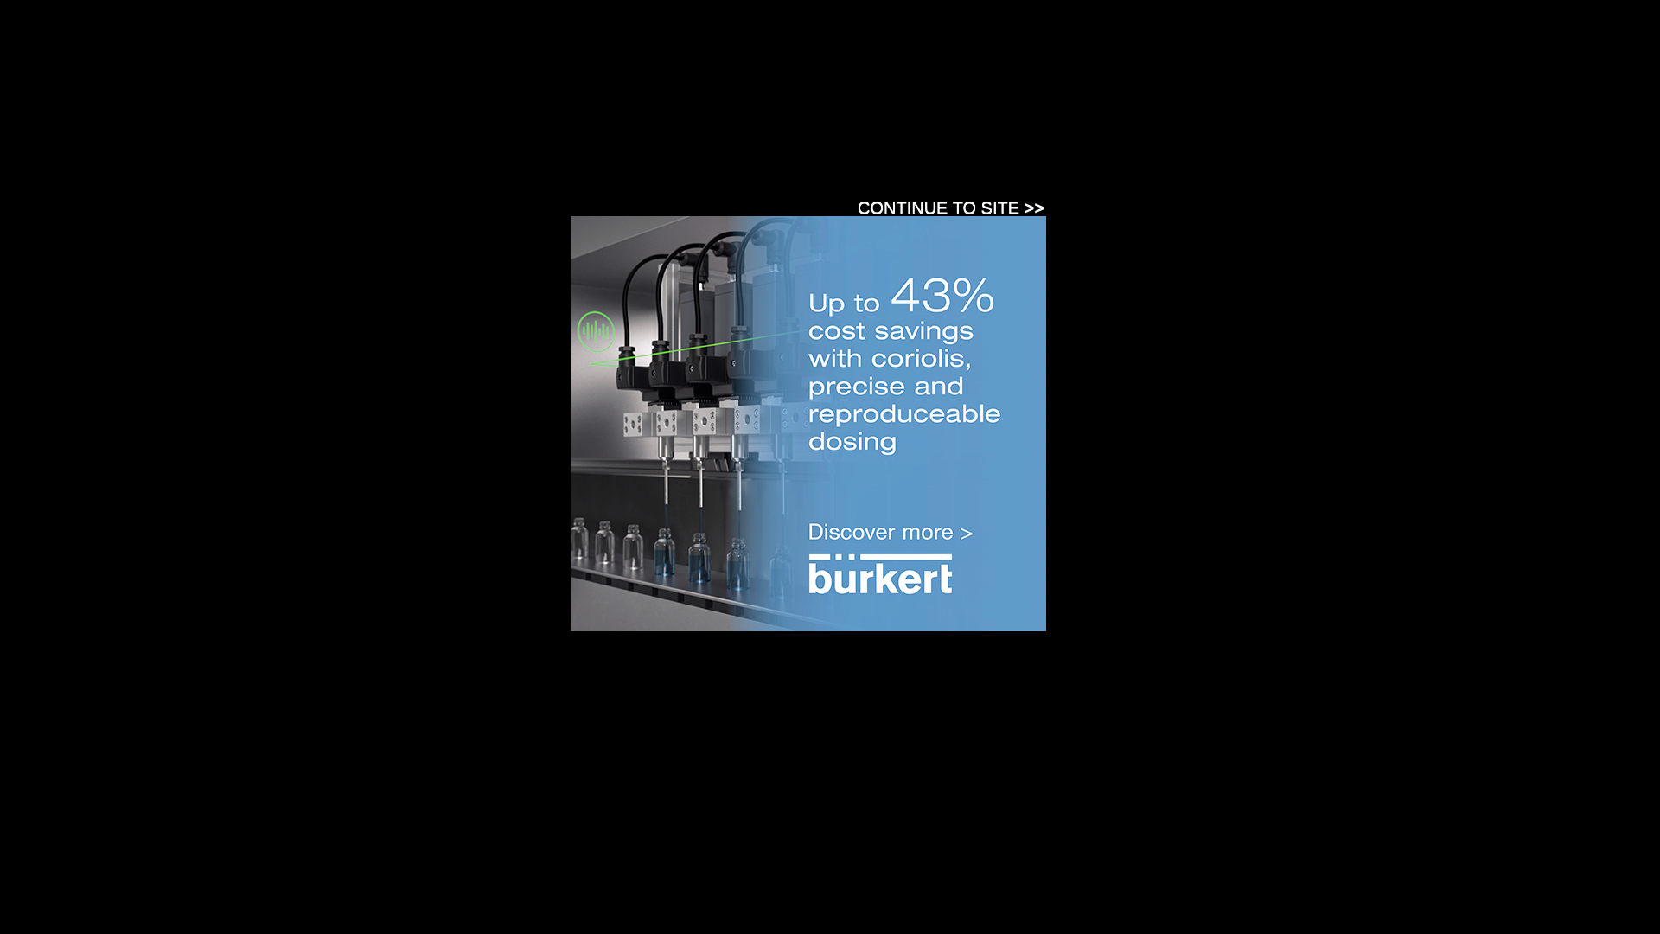 This screenshot has width=1660, height=934. Describe the element at coordinates (949, 206) in the screenshot. I see `'CONTINUE TO SITE >>'` at that location.